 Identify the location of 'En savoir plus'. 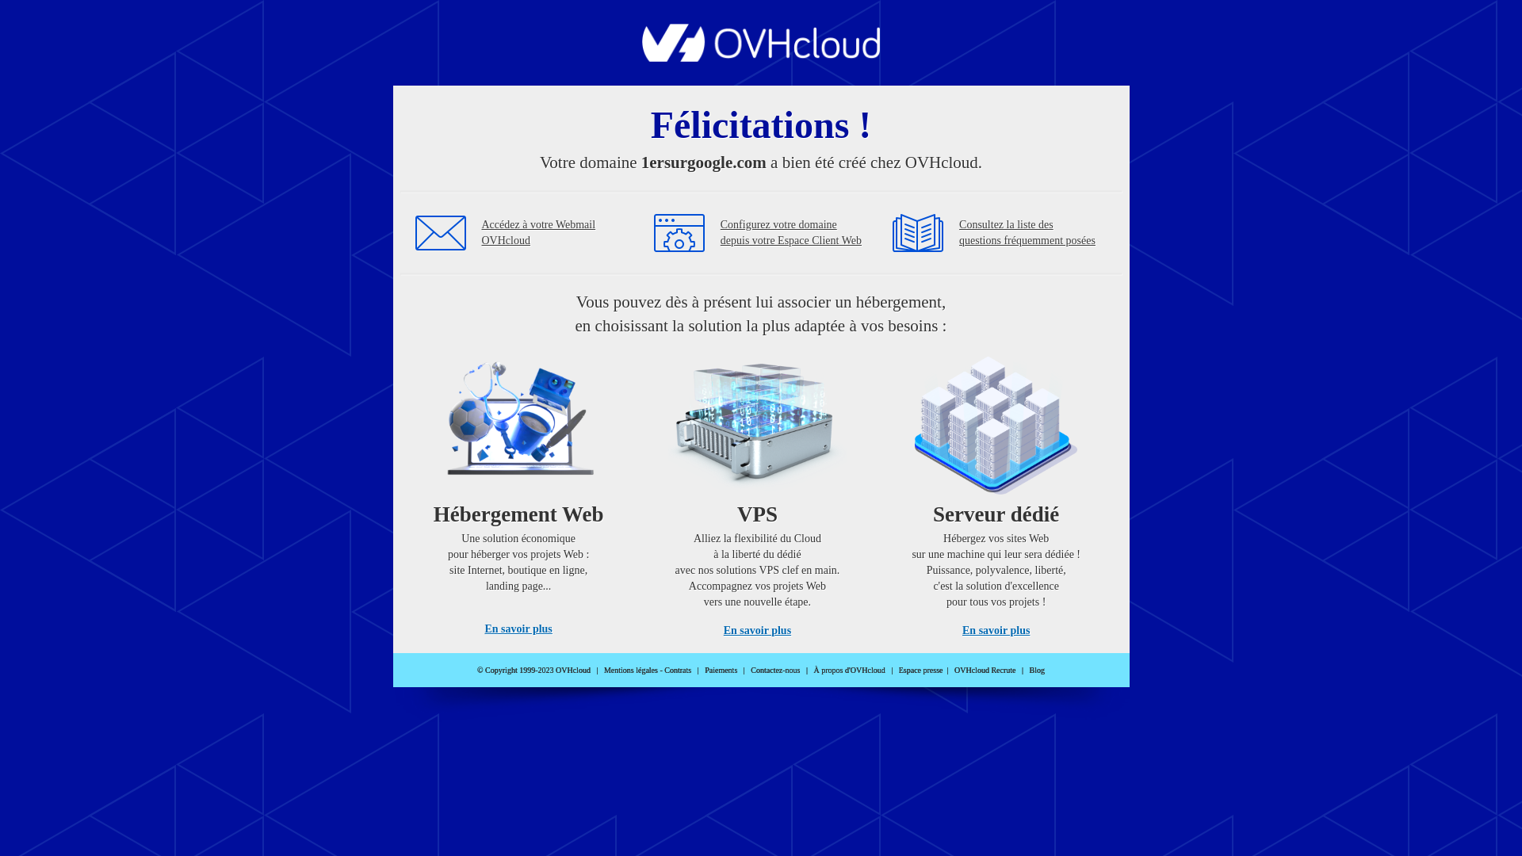
(756, 629).